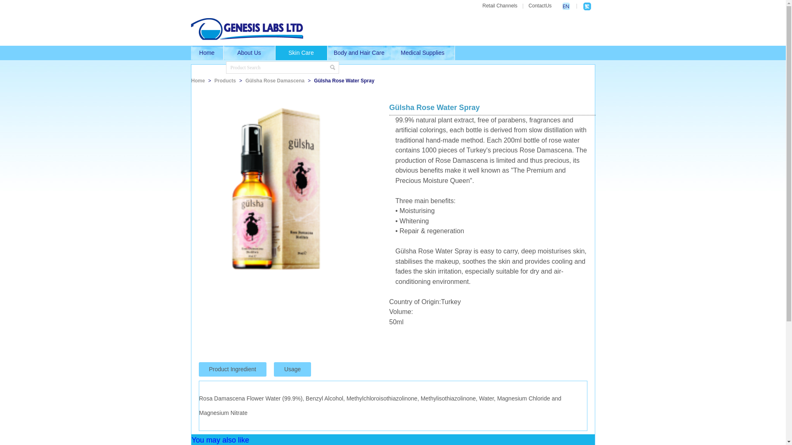 Image resolution: width=792 pixels, height=445 pixels. I want to click on 'Retail Channels', so click(500, 6).